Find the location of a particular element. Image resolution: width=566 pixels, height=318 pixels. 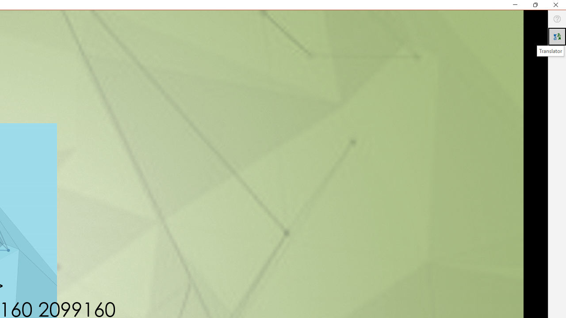

'Translator' is located at coordinates (550, 51).